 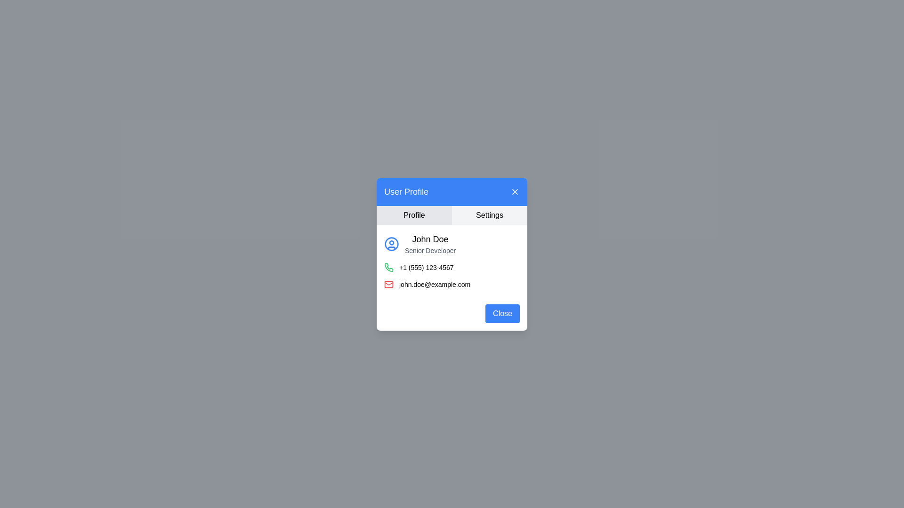 I want to click on the phone number icon located next to the phone number '+1 (555) 123-4567' in the user profile dialog, so click(x=388, y=267).